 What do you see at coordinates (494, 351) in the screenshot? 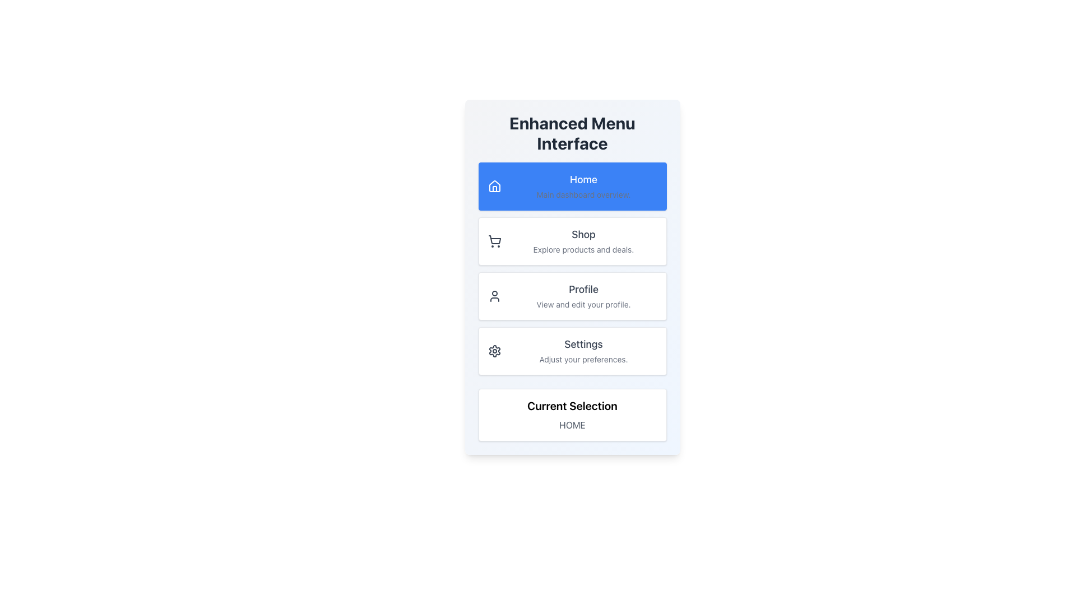
I see `the gear-shaped settings icon located to the left of the text 'Settings' and the description 'Adjust your preferences.' in the vertical menu list` at bounding box center [494, 351].